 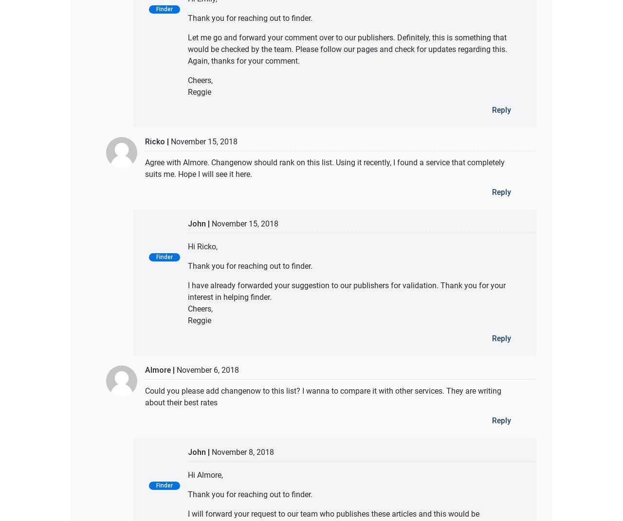 I want to click on 'Could you please add changenow to this list? I wanna to compare it with other services. They are writing about their best rates', so click(x=323, y=396).